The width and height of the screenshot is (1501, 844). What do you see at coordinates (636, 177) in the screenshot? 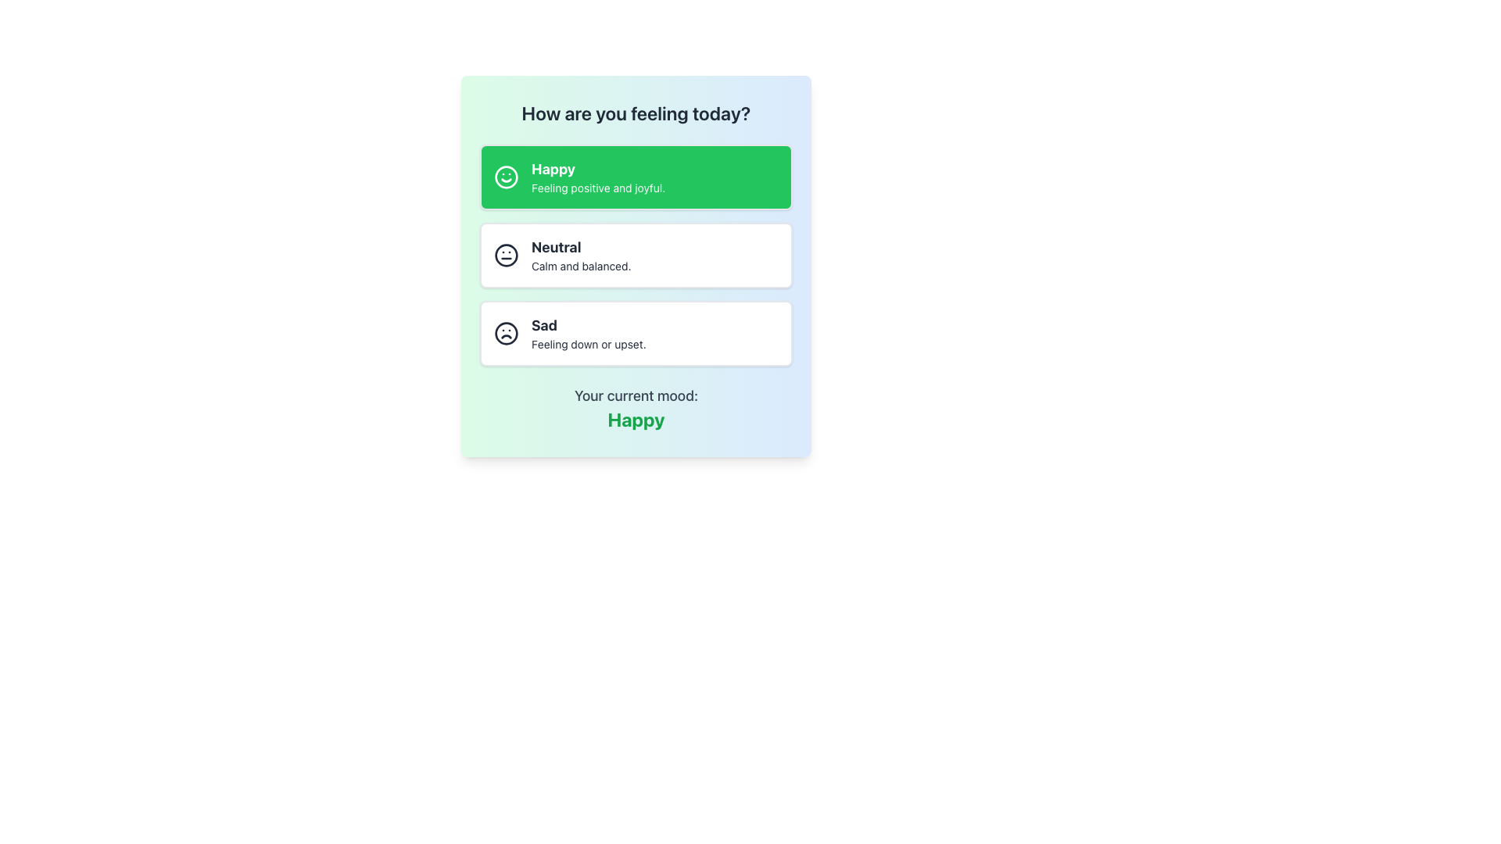
I see `the 'Happy' button, which is the first item in a vertical list of mood options` at bounding box center [636, 177].